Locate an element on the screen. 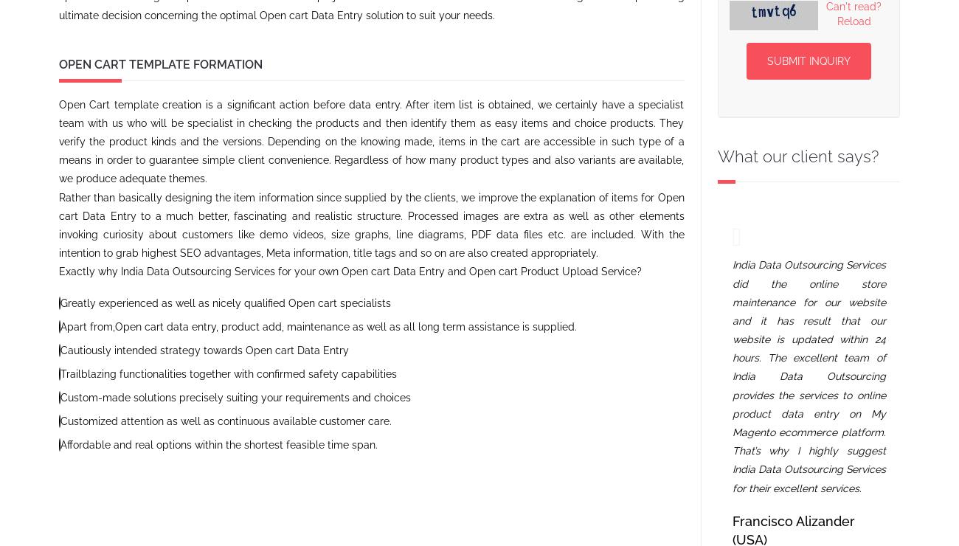 This screenshot has width=959, height=546. 'Exactly why India Data Outsourcing Services for your own Open cart Data Entry and Open cart Product Upload Service?' is located at coordinates (350, 272).